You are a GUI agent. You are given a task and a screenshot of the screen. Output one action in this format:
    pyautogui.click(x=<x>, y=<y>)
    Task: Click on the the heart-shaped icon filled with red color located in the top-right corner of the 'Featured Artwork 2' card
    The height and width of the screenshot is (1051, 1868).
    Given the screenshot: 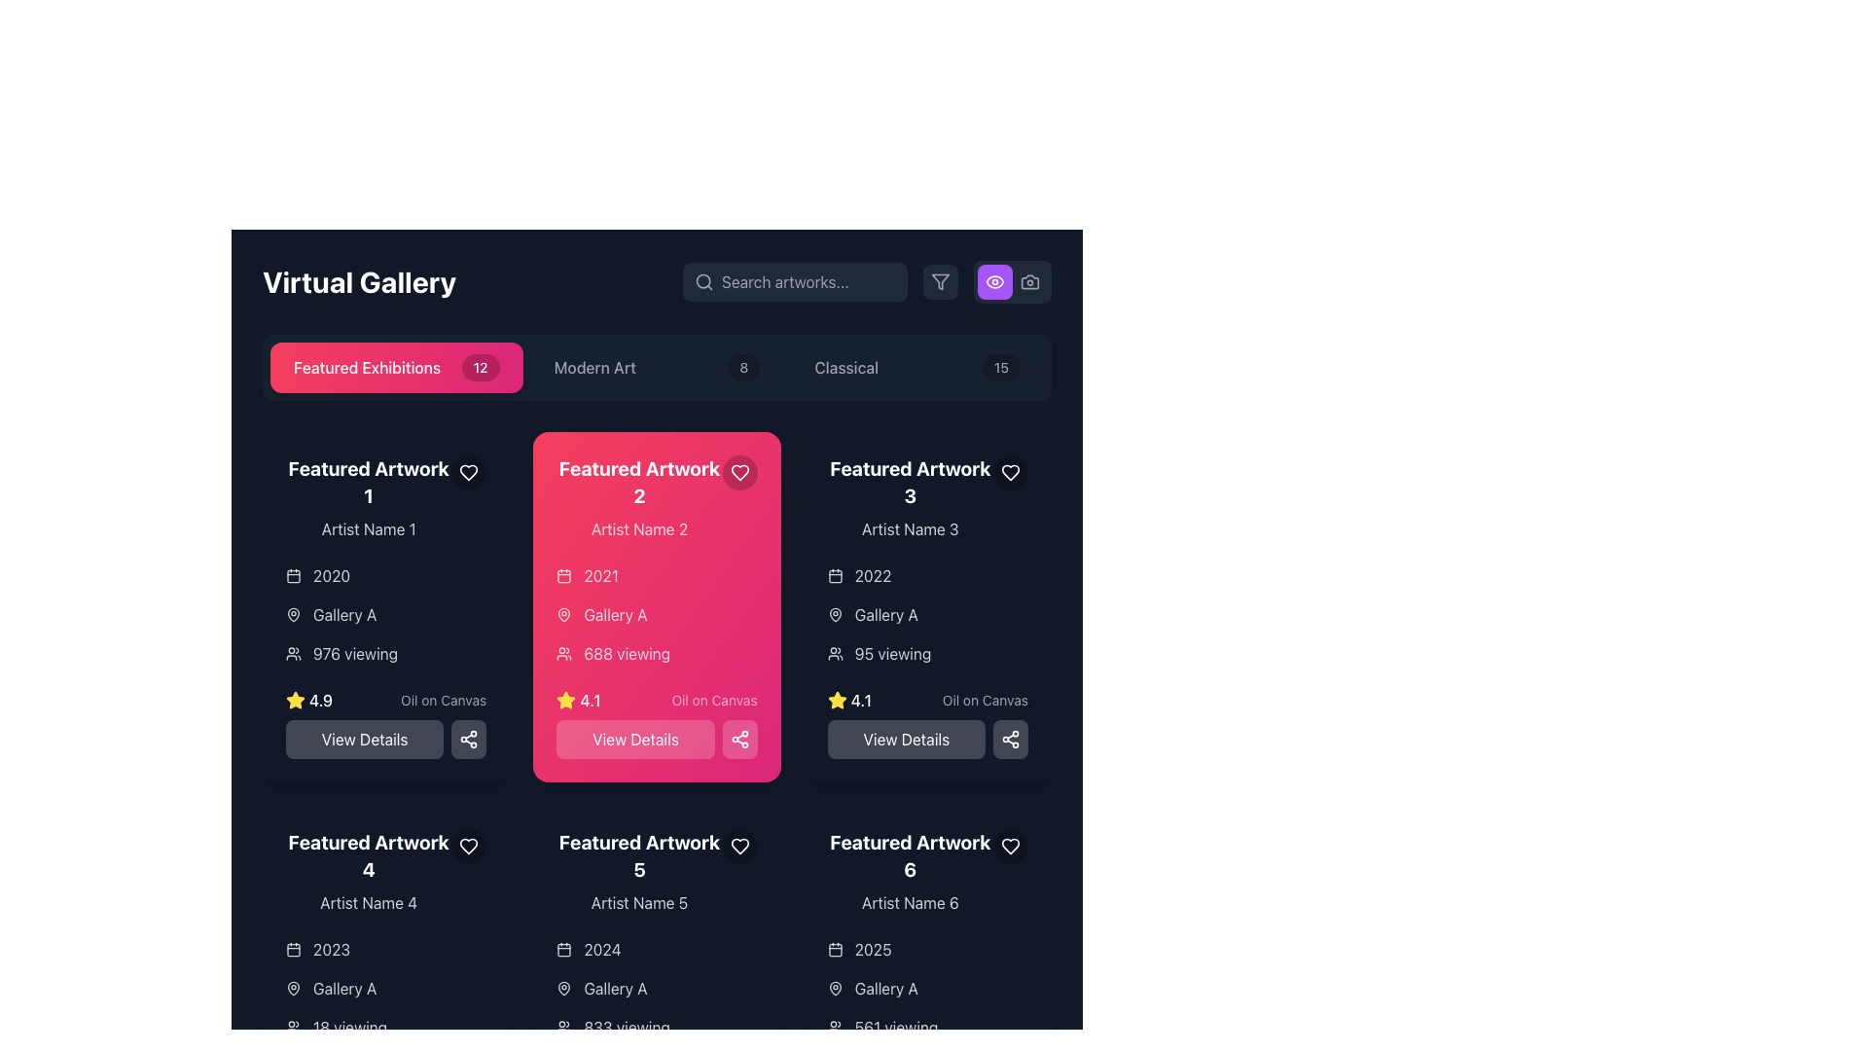 What is the action you would take?
    pyautogui.click(x=738, y=473)
    